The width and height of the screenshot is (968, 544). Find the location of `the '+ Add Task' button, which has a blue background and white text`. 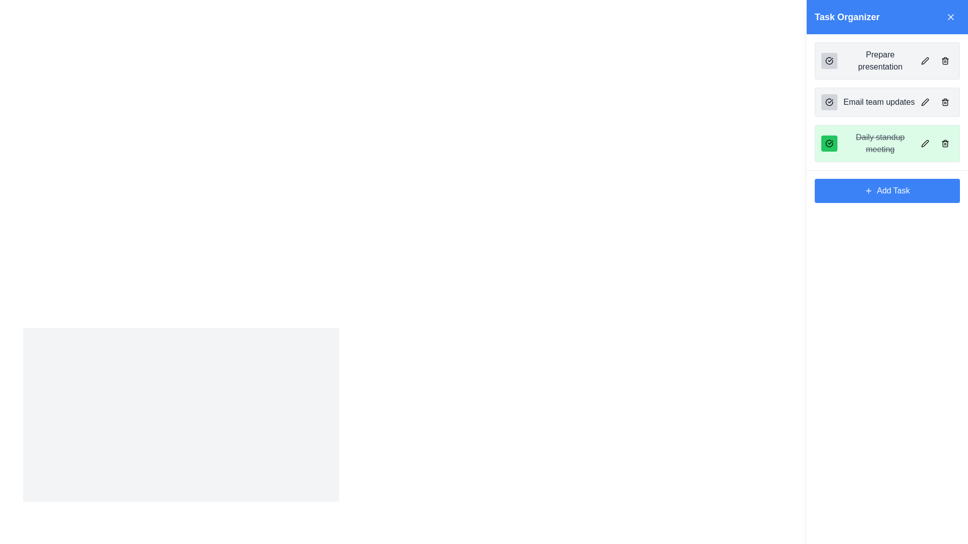

the '+ Add Task' button, which has a blue background and white text is located at coordinates (887, 190).